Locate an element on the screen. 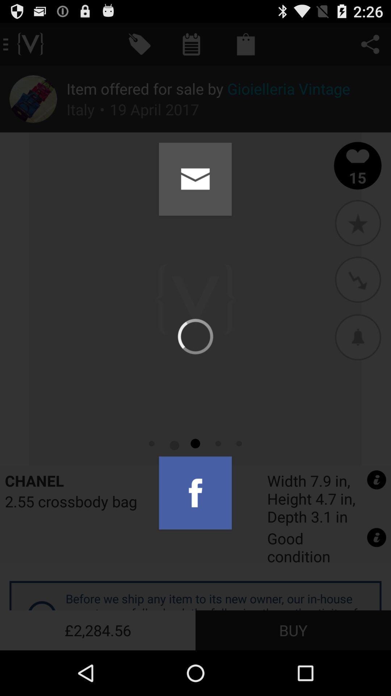 The width and height of the screenshot is (391, 696). the avatar icon is located at coordinates (357, 360).